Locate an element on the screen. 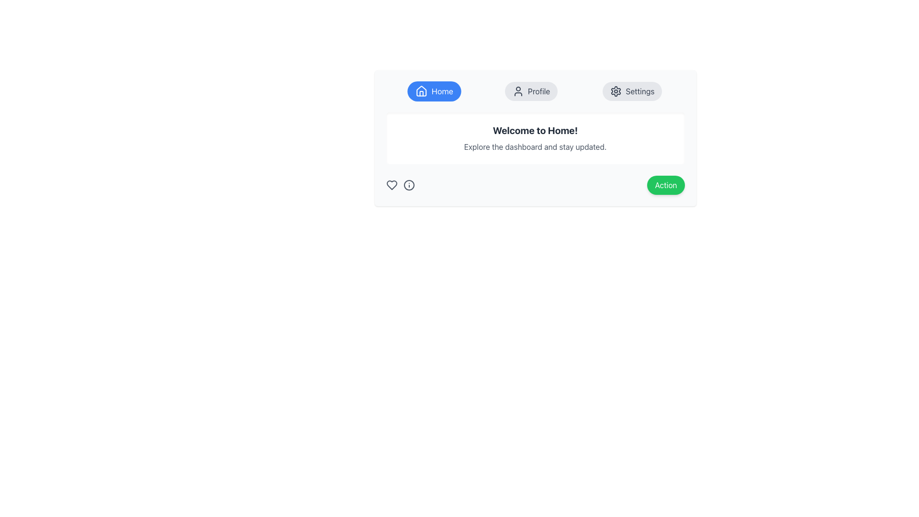 Image resolution: width=919 pixels, height=517 pixels. the gear-shaped icon within the settings section of the header navigation to interact with the settings button is located at coordinates (616, 91).